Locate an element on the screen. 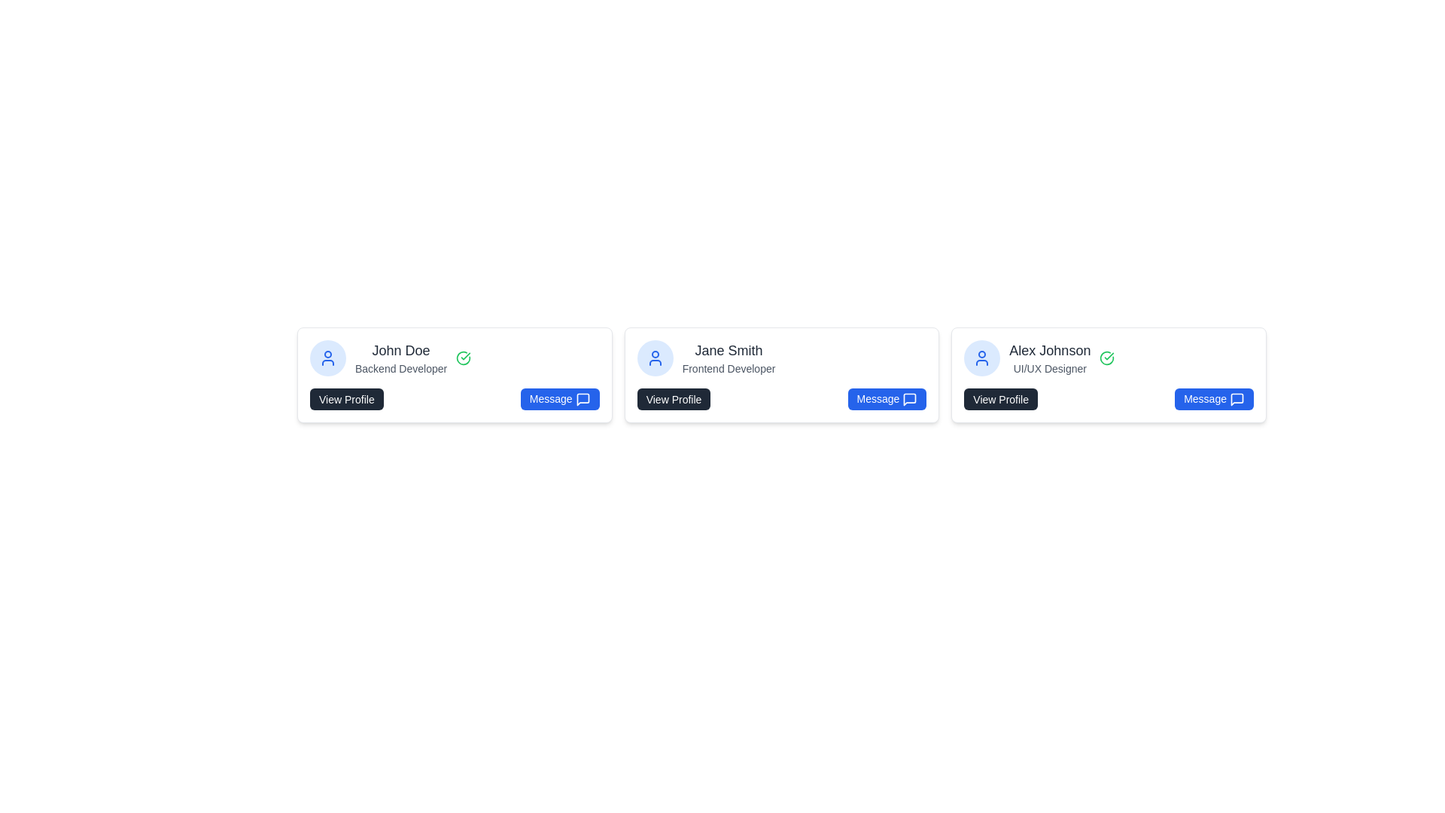 Image resolution: width=1445 pixels, height=813 pixels. the Text Label displaying the individual's name in the profile card, located above the 'Backend Developer' text is located at coordinates (401, 351).